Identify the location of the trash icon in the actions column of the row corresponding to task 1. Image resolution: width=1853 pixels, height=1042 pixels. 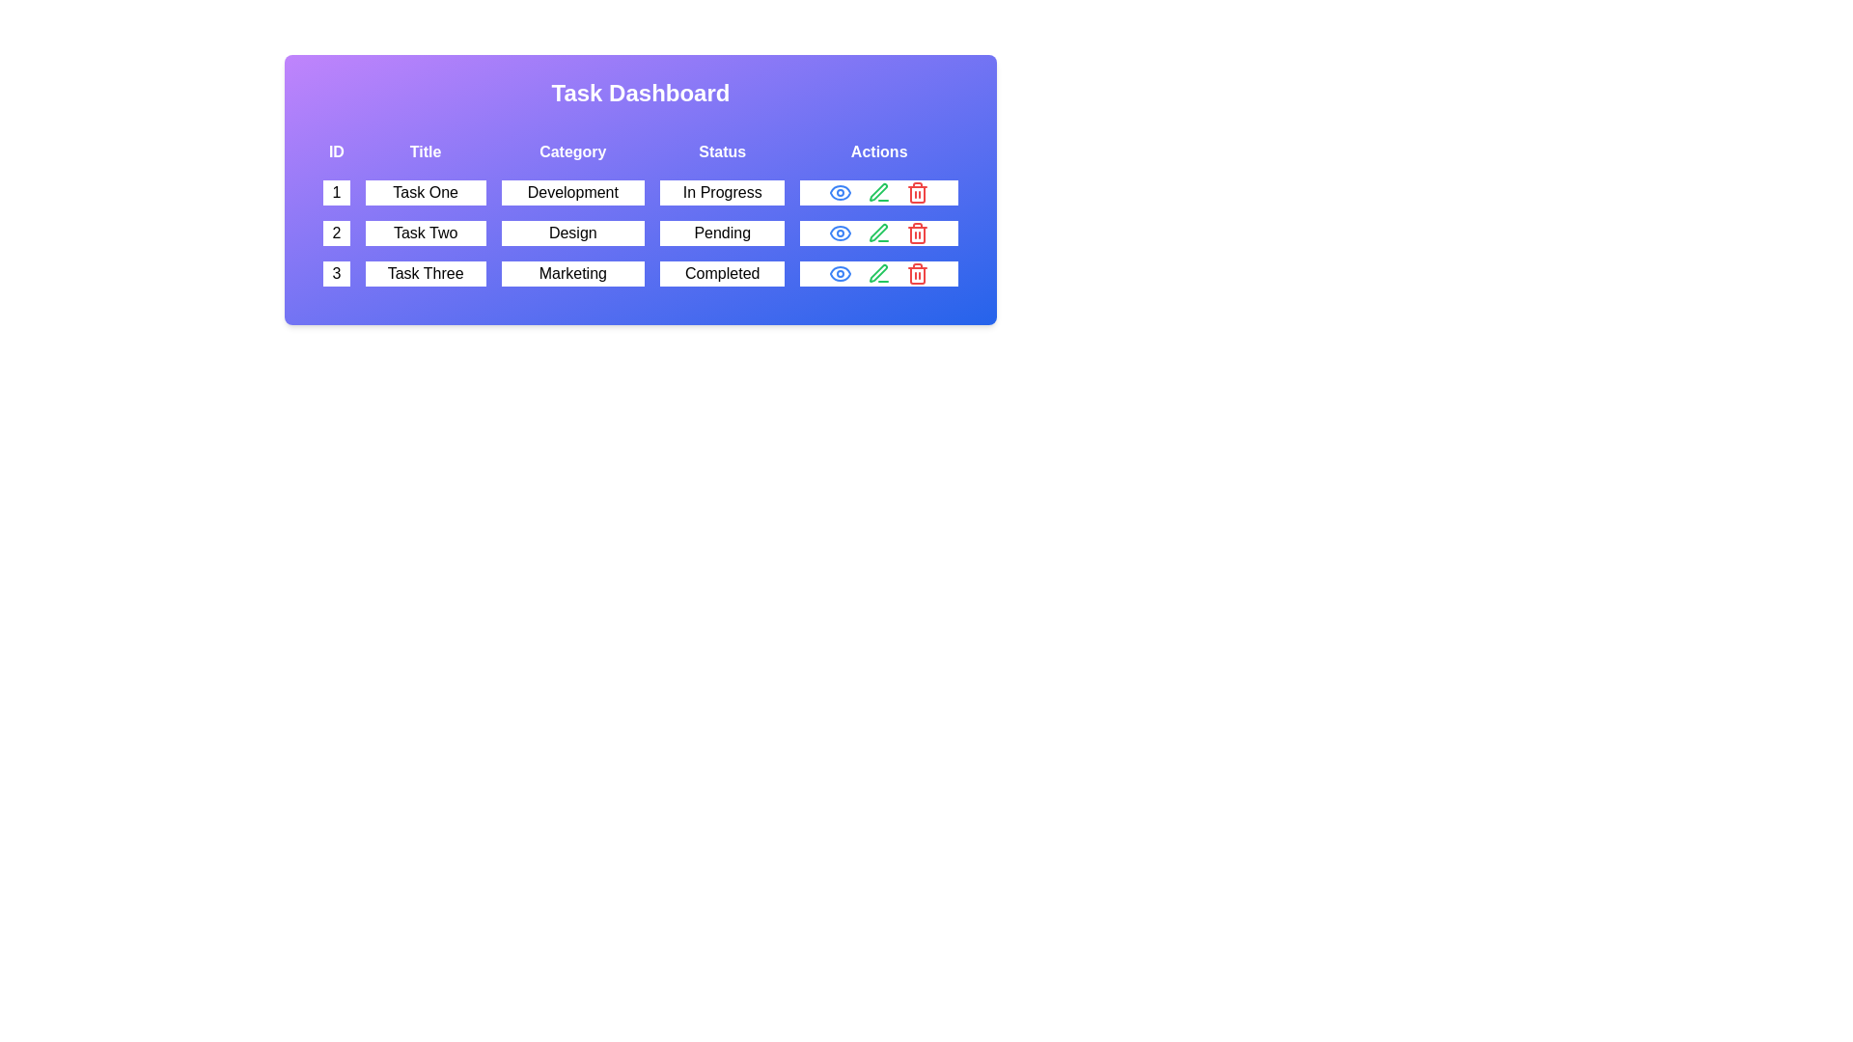
(917, 193).